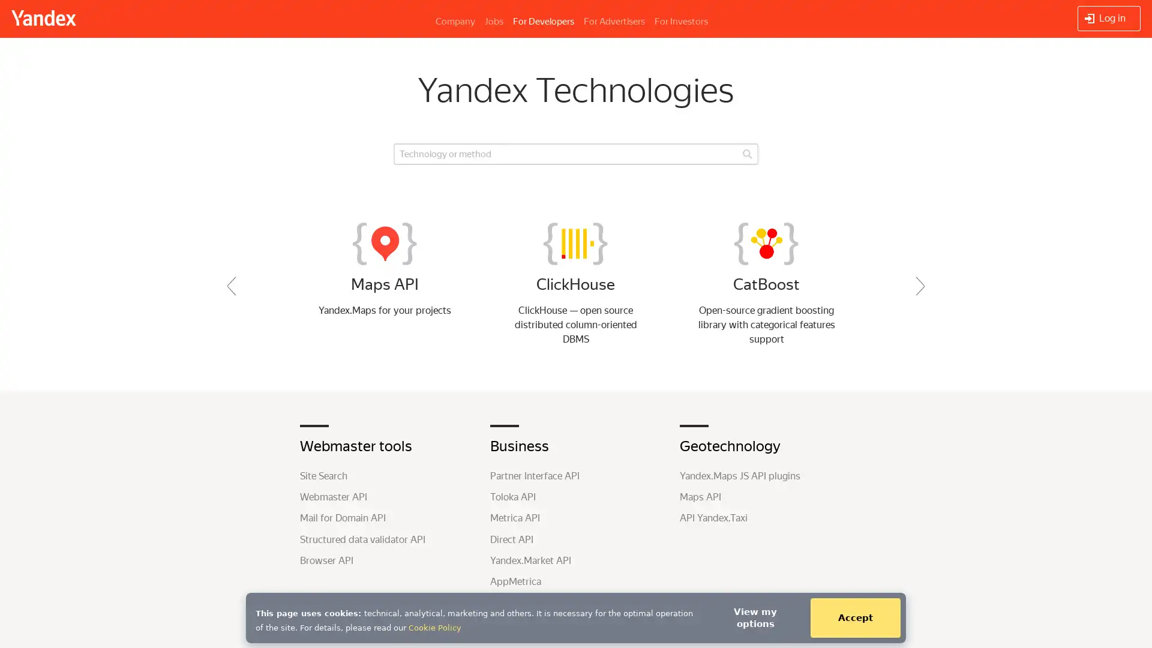 The height and width of the screenshot is (648, 1152). Describe the element at coordinates (920, 286) in the screenshot. I see `Next slide` at that location.